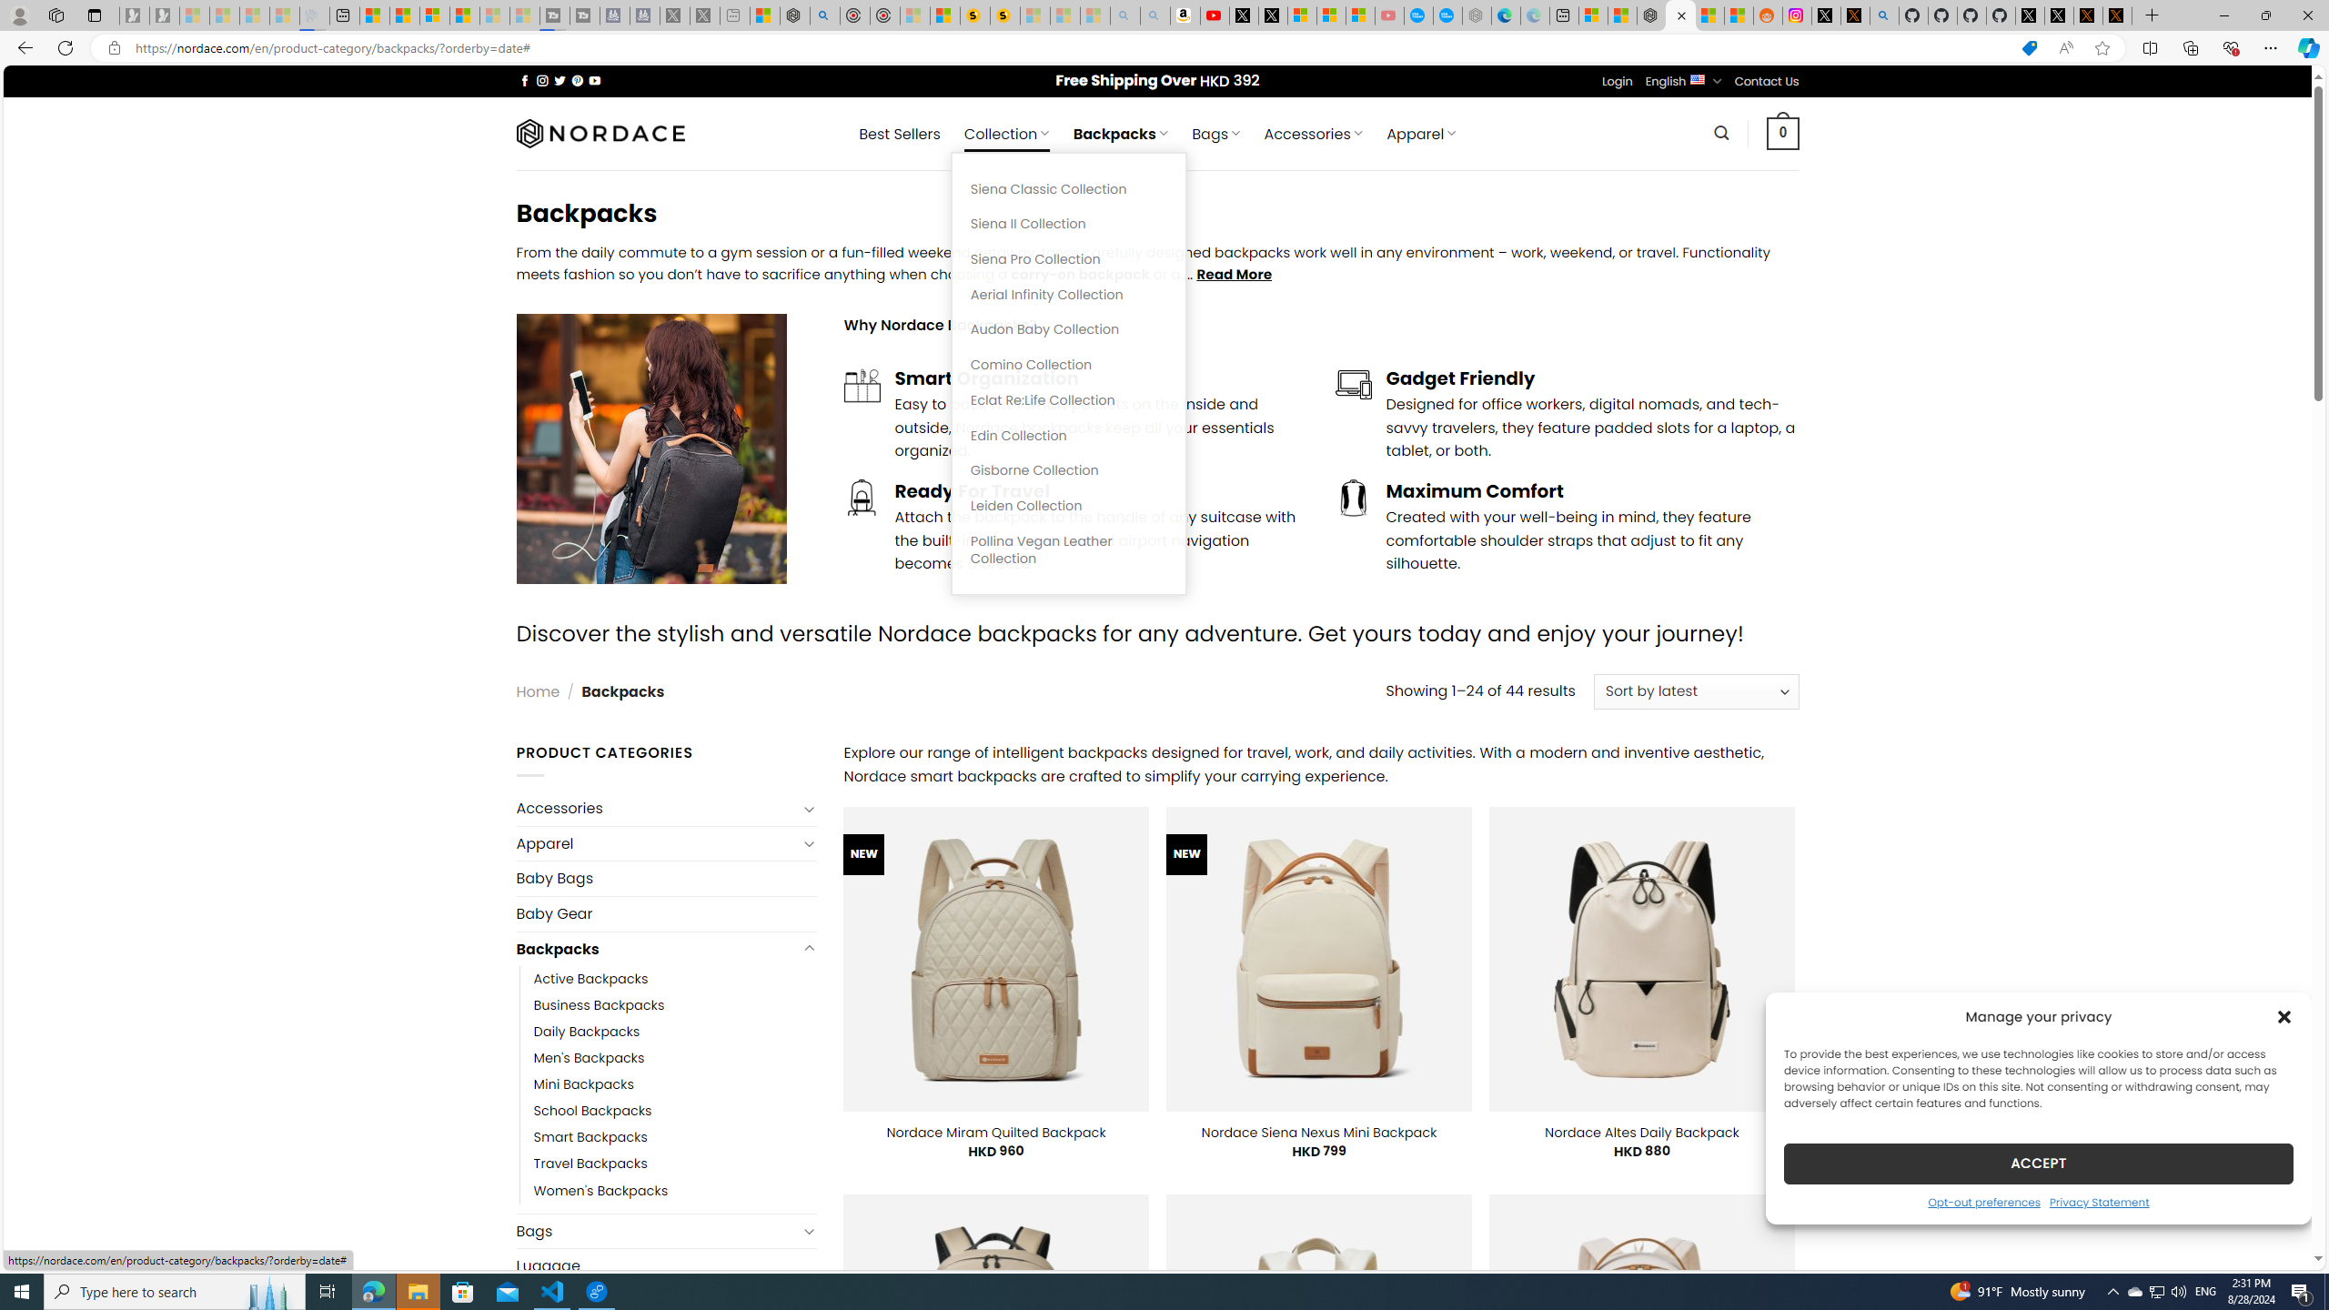  I want to click on 'Business Backpacks', so click(600, 1004).